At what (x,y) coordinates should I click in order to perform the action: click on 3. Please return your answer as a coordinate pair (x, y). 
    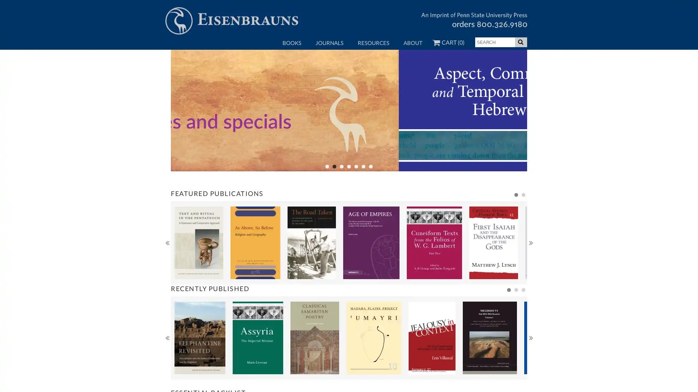
    Looking at the image, I should click on (341, 194).